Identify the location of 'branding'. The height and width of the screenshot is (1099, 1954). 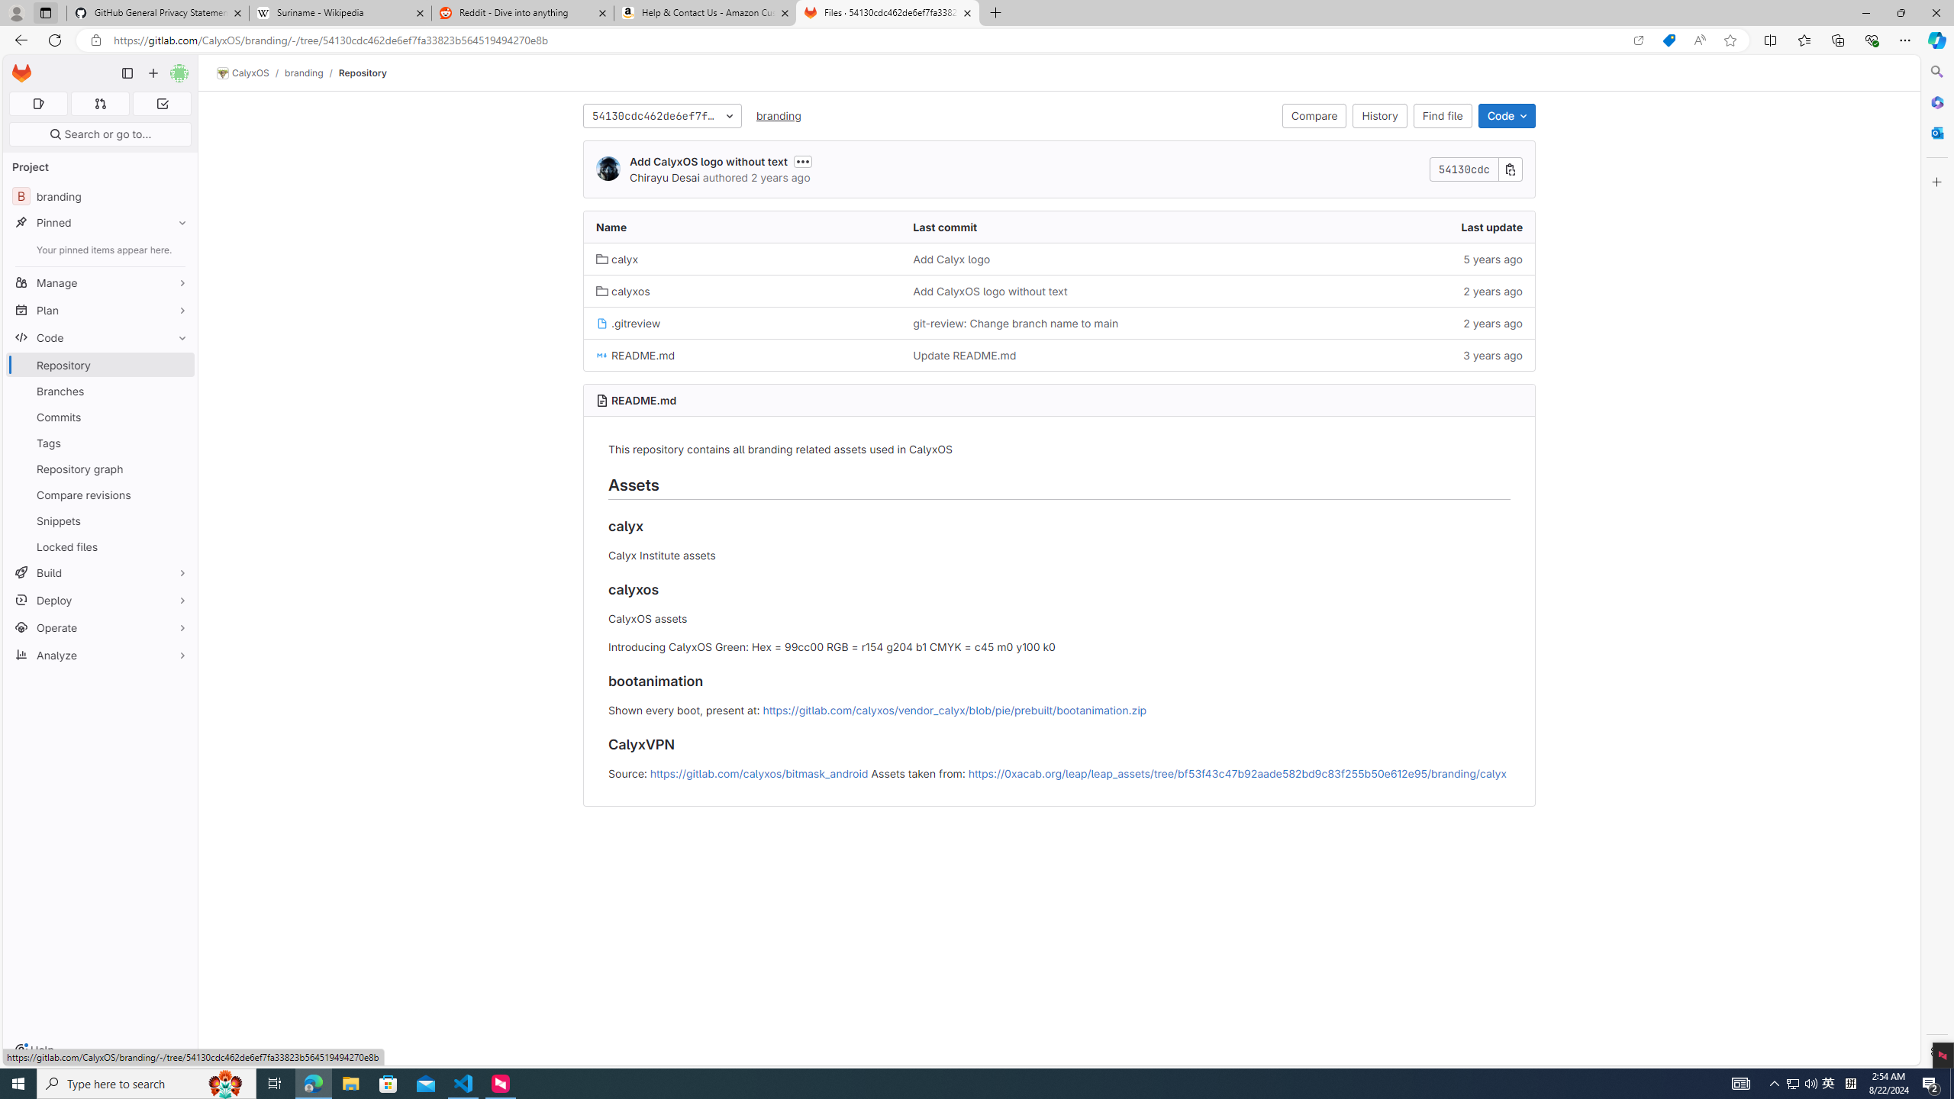
(778, 114).